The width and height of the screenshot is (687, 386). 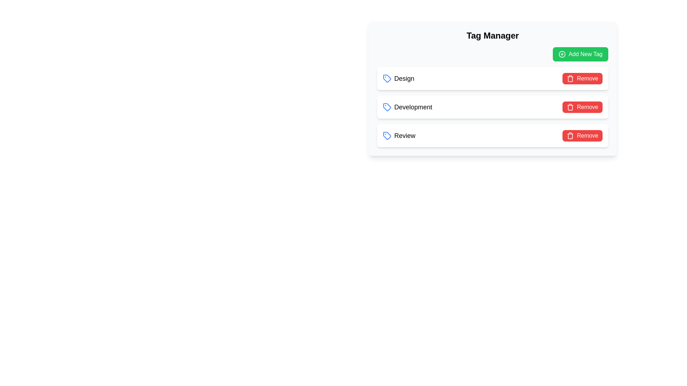 What do you see at coordinates (386, 78) in the screenshot?
I see `the SVG vector graphic icon that visually labels the 'Design' category, positioned at the top-left corner of the 'Design' list item` at bounding box center [386, 78].